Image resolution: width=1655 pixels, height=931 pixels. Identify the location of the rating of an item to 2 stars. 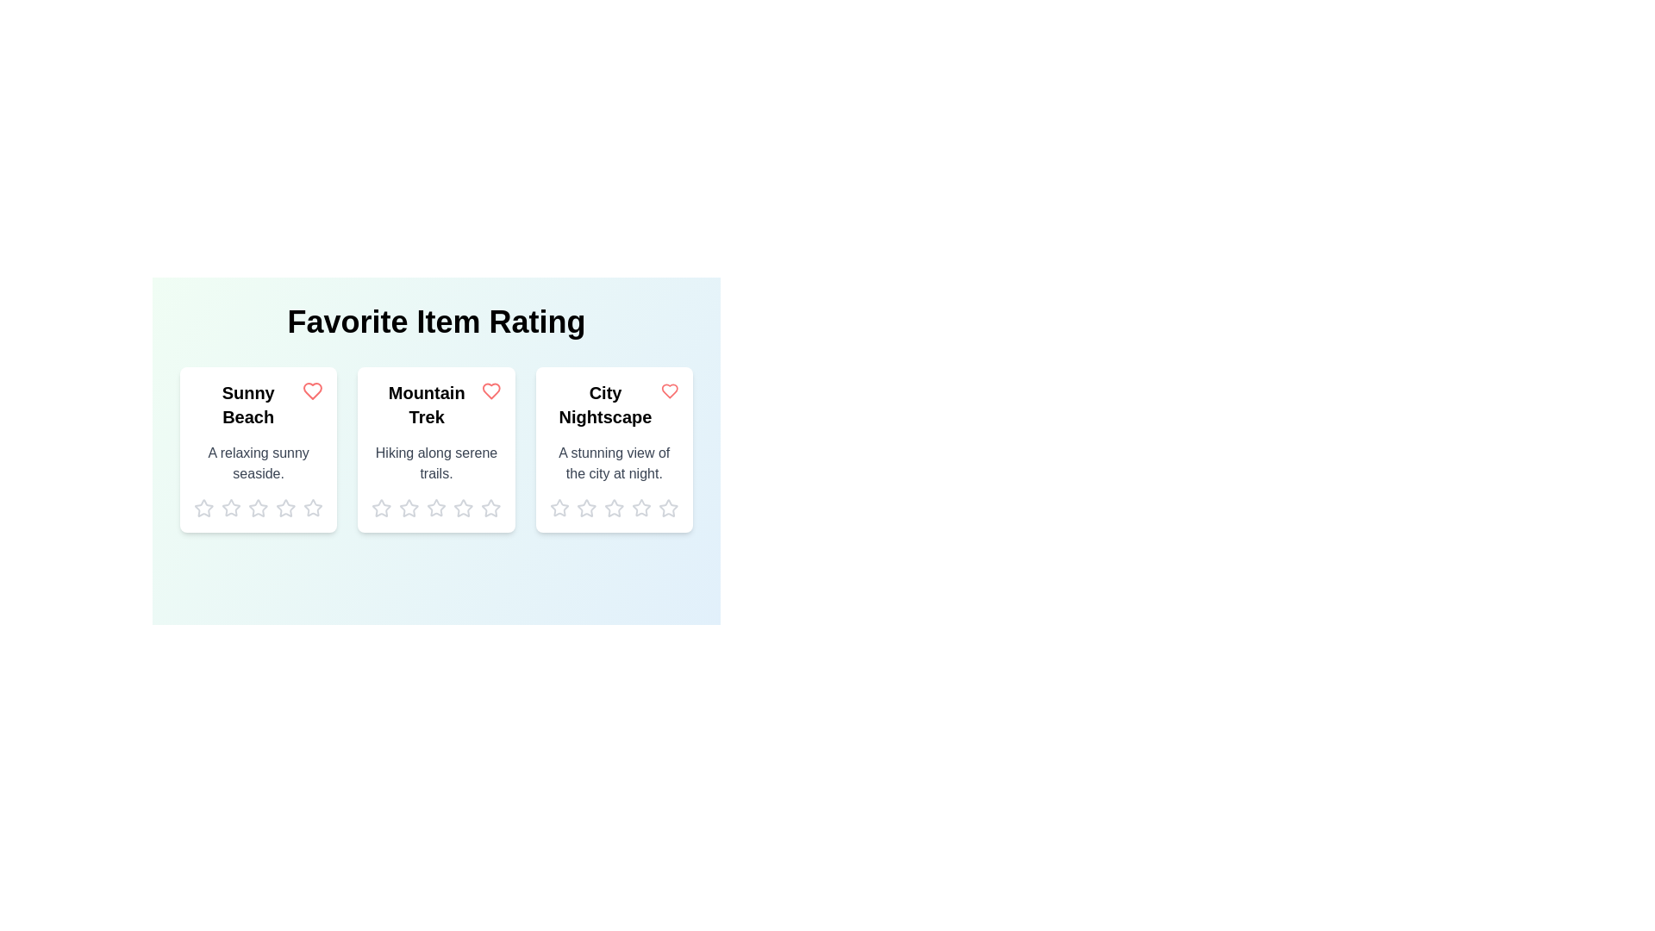
(230, 508).